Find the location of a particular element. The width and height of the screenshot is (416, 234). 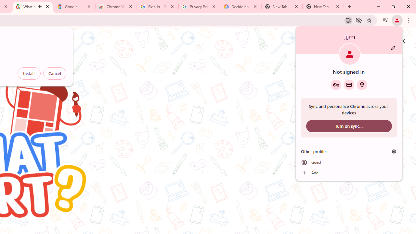

'Customize profile' is located at coordinates (393, 47).